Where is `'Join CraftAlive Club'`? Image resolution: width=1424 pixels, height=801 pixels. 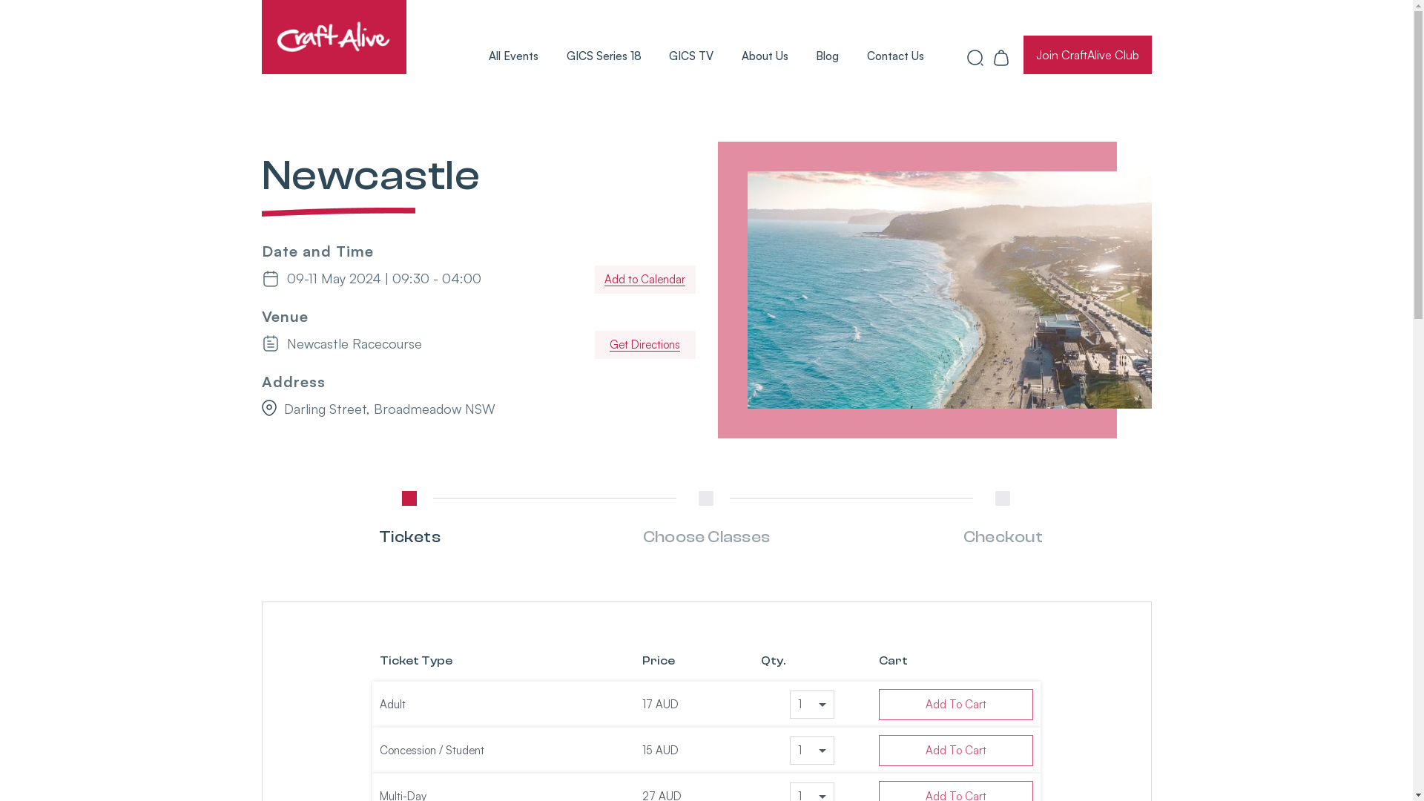 'Join CraftAlive Club' is located at coordinates (1087, 53).